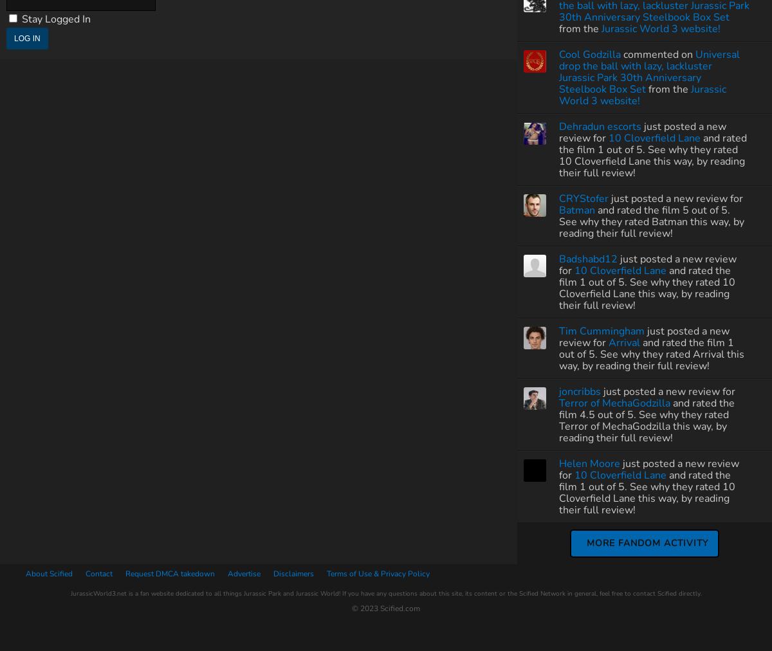  What do you see at coordinates (558, 353) in the screenshot?
I see `'and rated the film 1 out of 5. See why they rated Arrival this way, by reading their full review!'` at bounding box center [558, 353].